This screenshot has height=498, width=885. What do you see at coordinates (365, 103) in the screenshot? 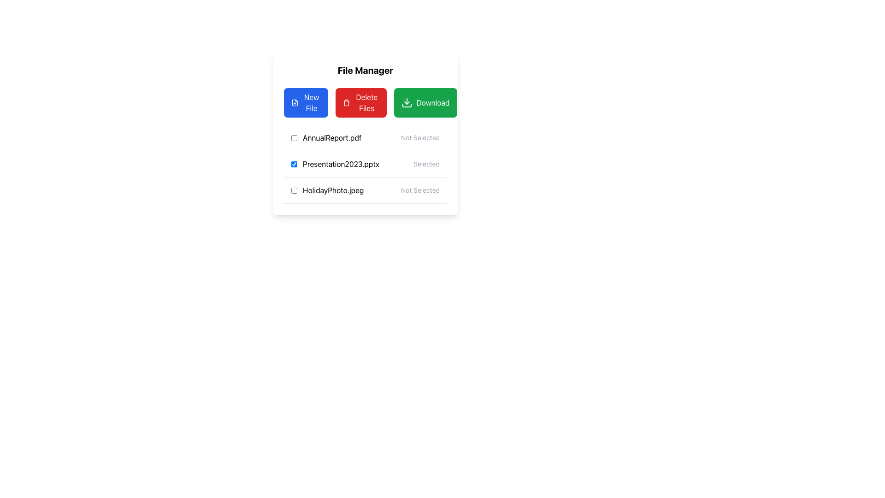
I see `the 'Delete Files' button in the button group for file operations, which is located below the 'File Manager' title and above the file list` at bounding box center [365, 103].